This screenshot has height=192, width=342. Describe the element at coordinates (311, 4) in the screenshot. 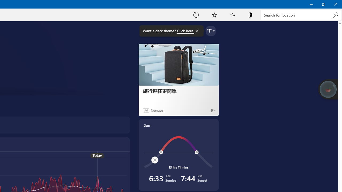

I see `'Minimize Weather'` at that location.